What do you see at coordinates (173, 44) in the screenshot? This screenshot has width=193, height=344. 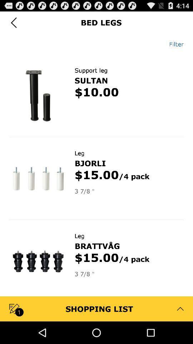 I see `app at the top right corner` at bounding box center [173, 44].